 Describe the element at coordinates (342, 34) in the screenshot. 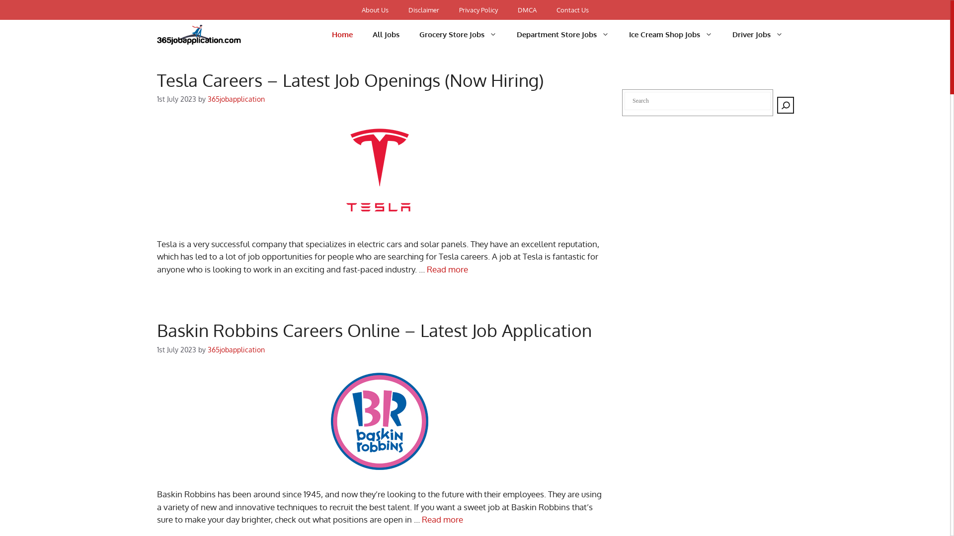

I see `'Home'` at that location.